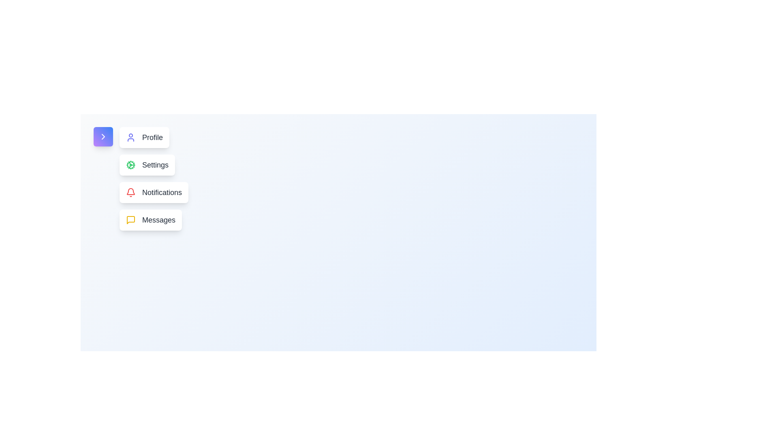 The width and height of the screenshot is (778, 437). I want to click on the 'Profile' button to navigate to the profile section, so click(144, 137).